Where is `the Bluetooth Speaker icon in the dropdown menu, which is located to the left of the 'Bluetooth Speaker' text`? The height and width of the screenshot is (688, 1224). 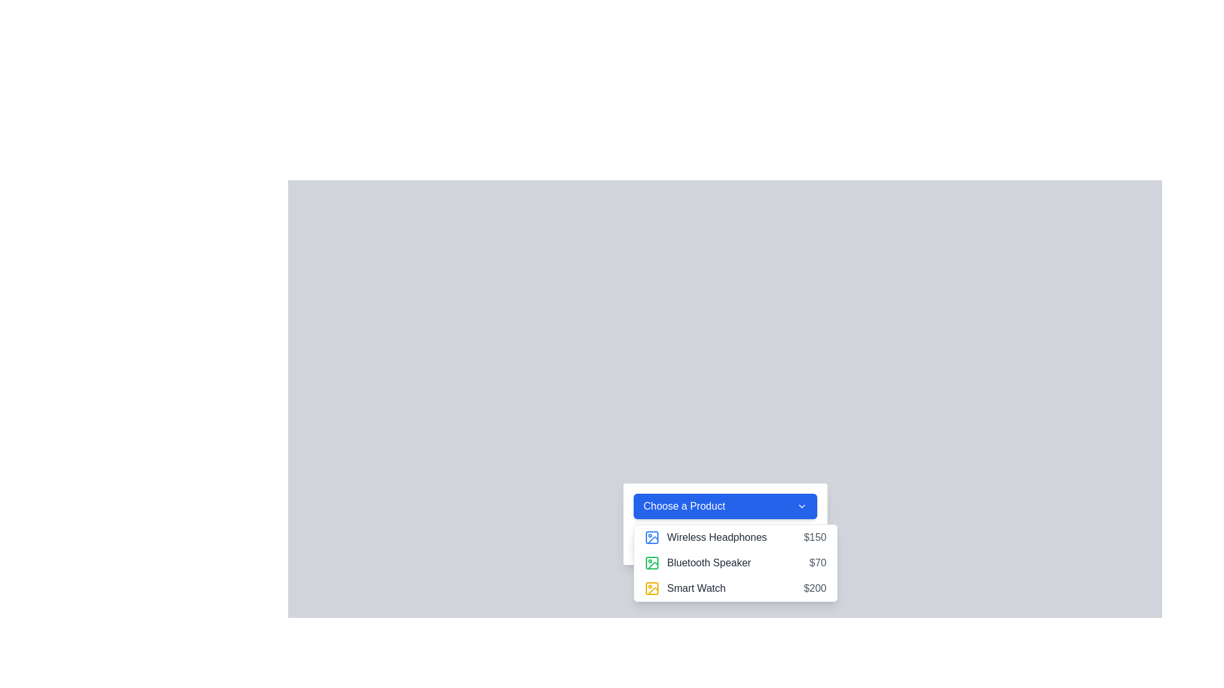 the Bluetooth Speaker icon in the dropdown menu, which is located to the left of the 'Bluetooth Speaker' text is located at coordinates (652, 562).